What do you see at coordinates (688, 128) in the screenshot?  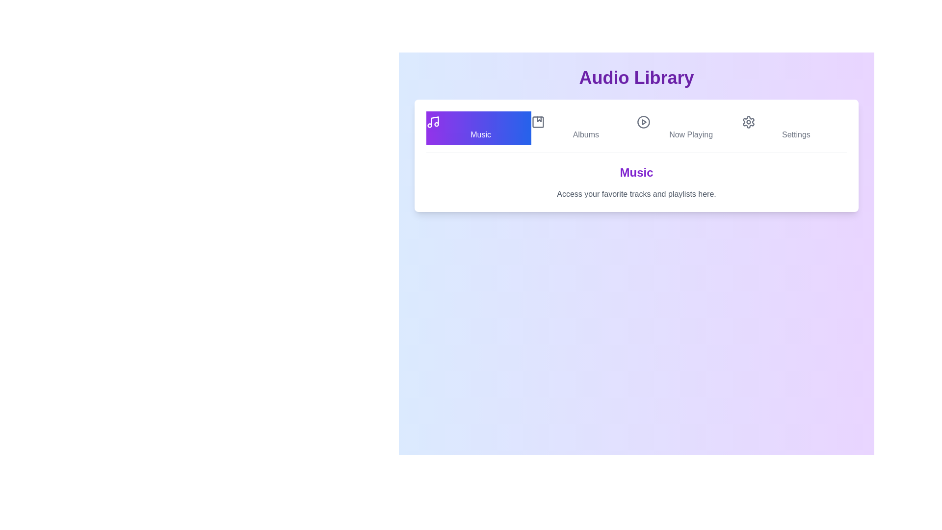 I see `the 'Now Playing' button in the top navigation area` at bounding box center [688, 128].